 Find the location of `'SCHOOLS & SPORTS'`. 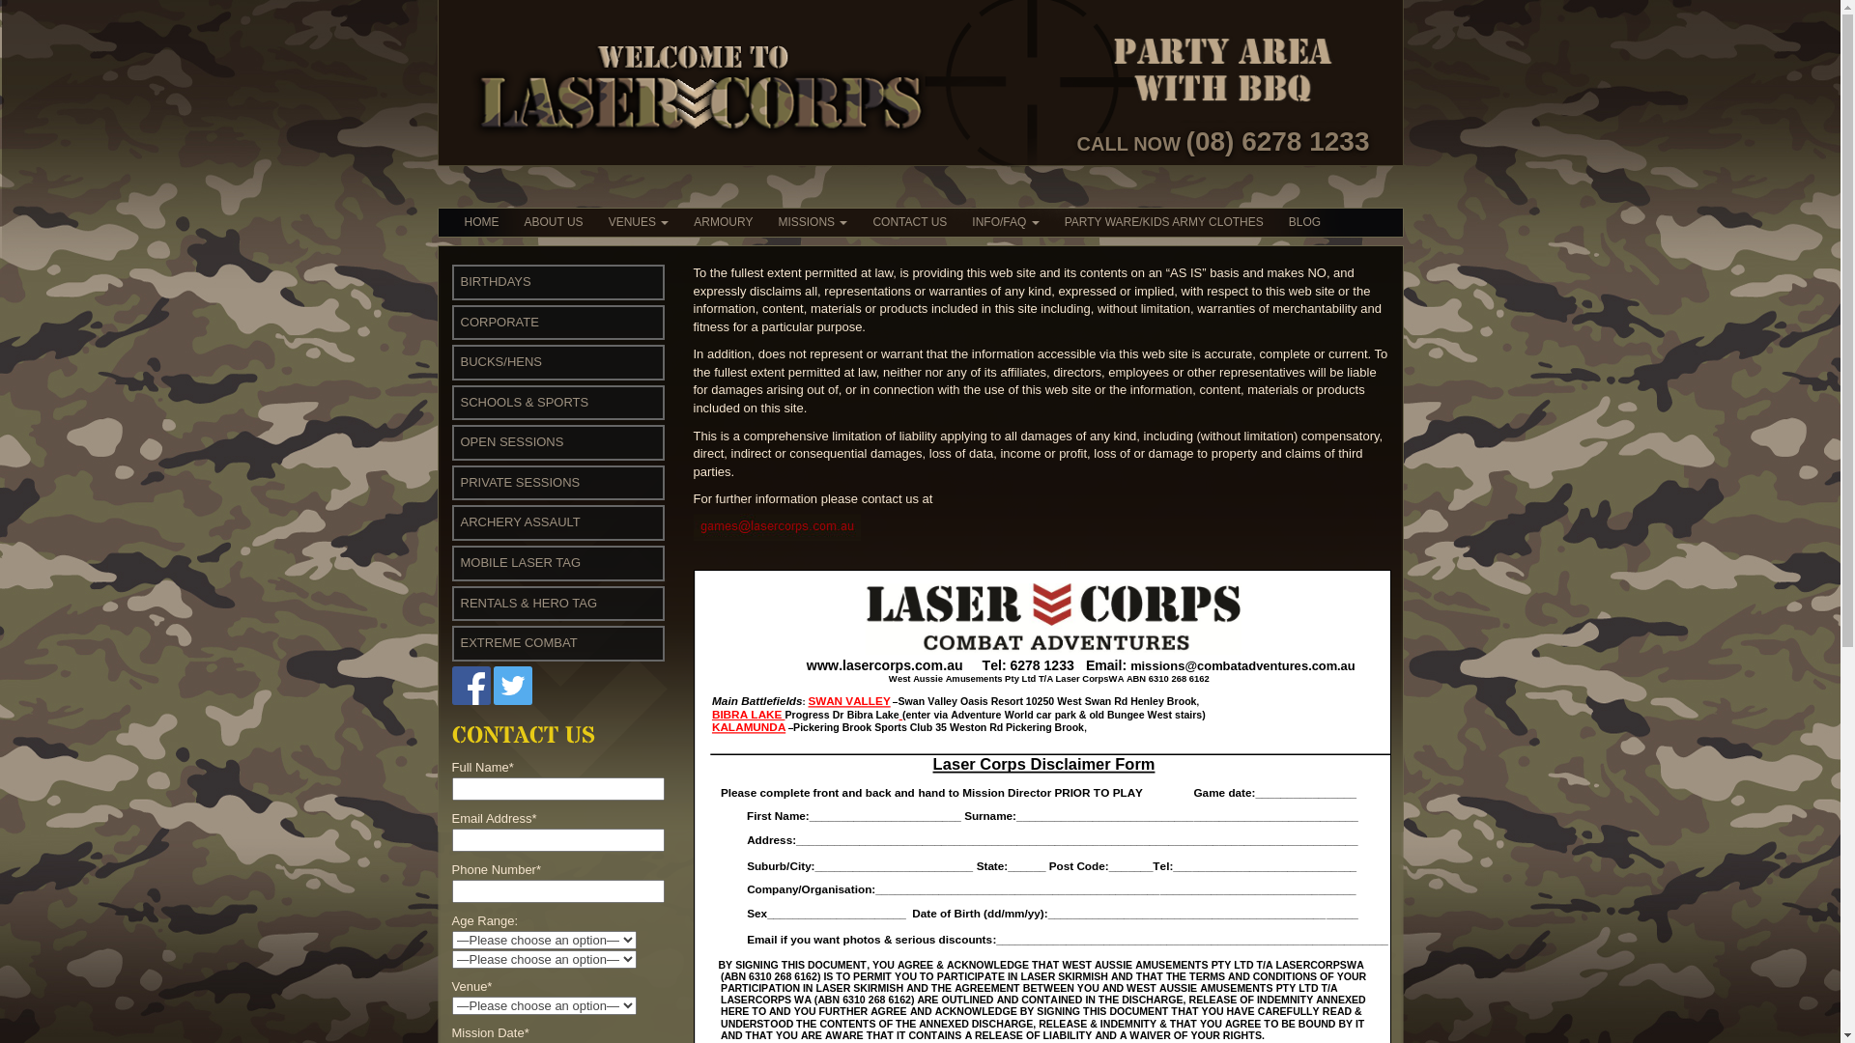

'SCHOOLS & SPORTS' is located at coordinates (524, 401).